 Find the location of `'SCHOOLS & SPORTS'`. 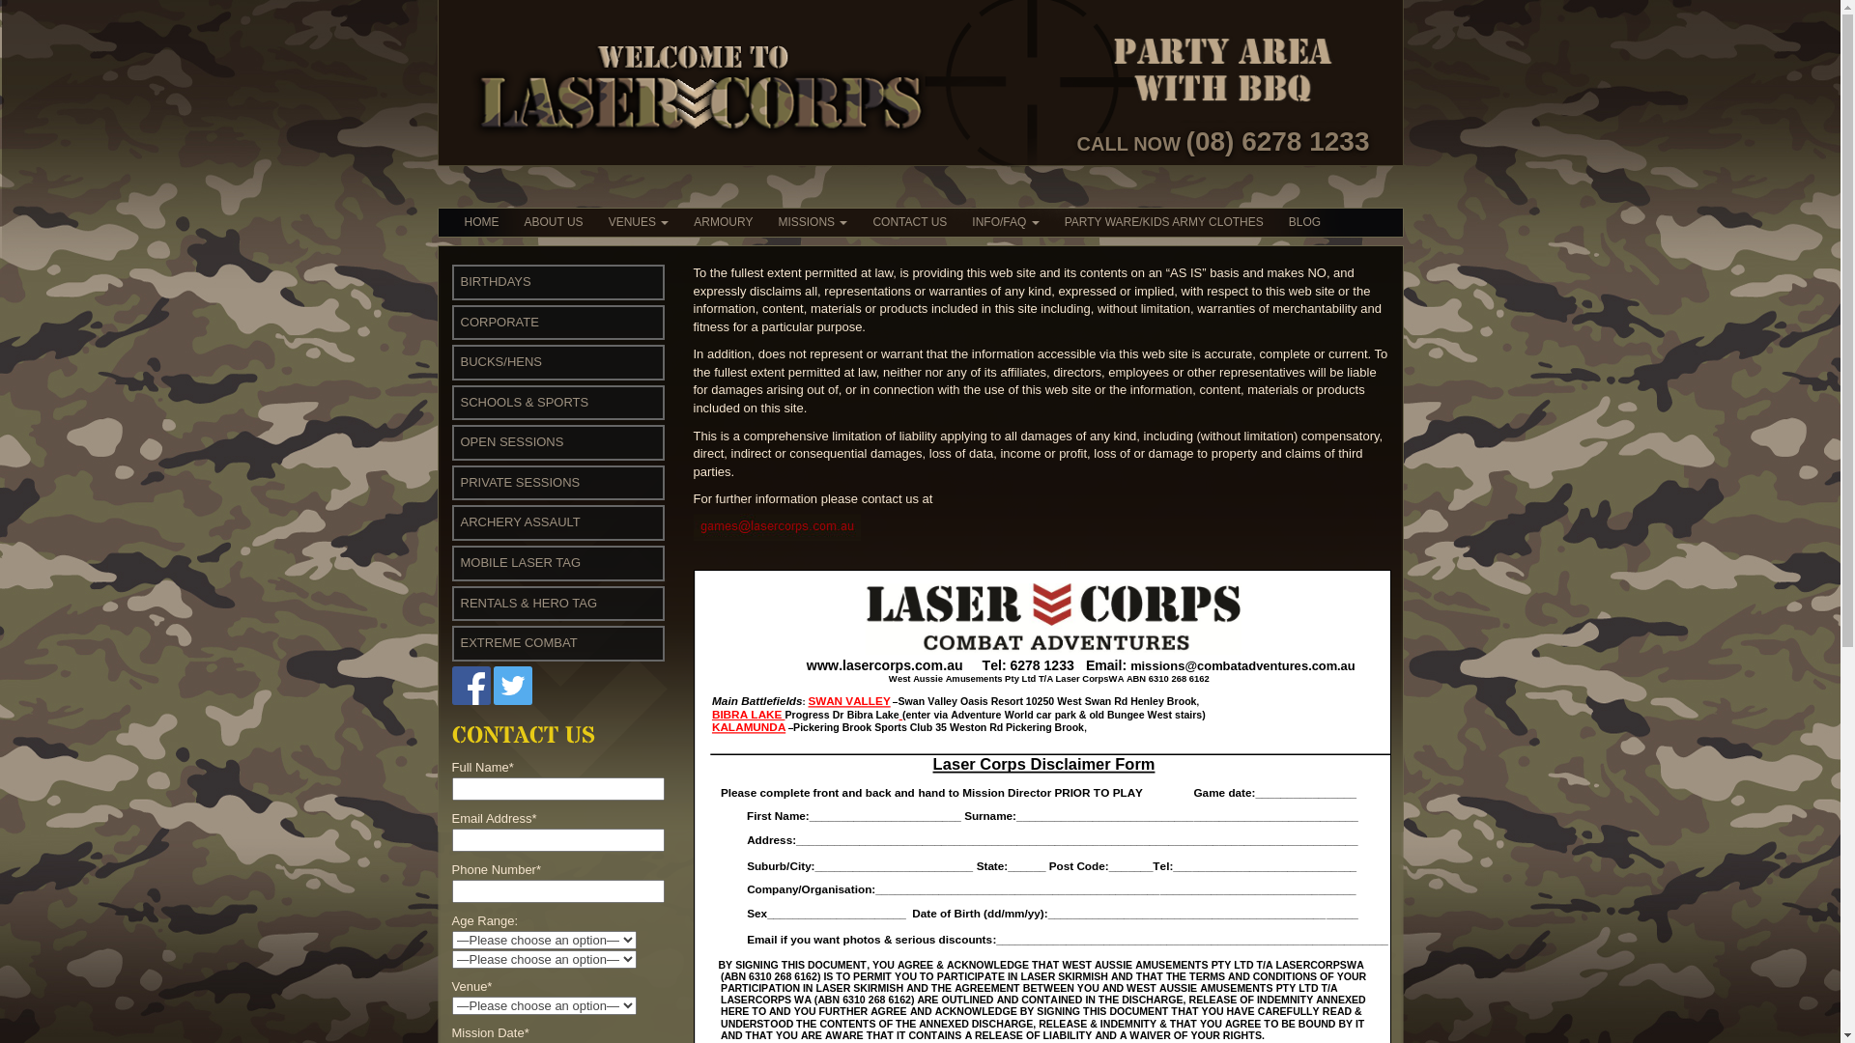

'SCHOOLS & SPORTS' is located at coordinates (524, 401).